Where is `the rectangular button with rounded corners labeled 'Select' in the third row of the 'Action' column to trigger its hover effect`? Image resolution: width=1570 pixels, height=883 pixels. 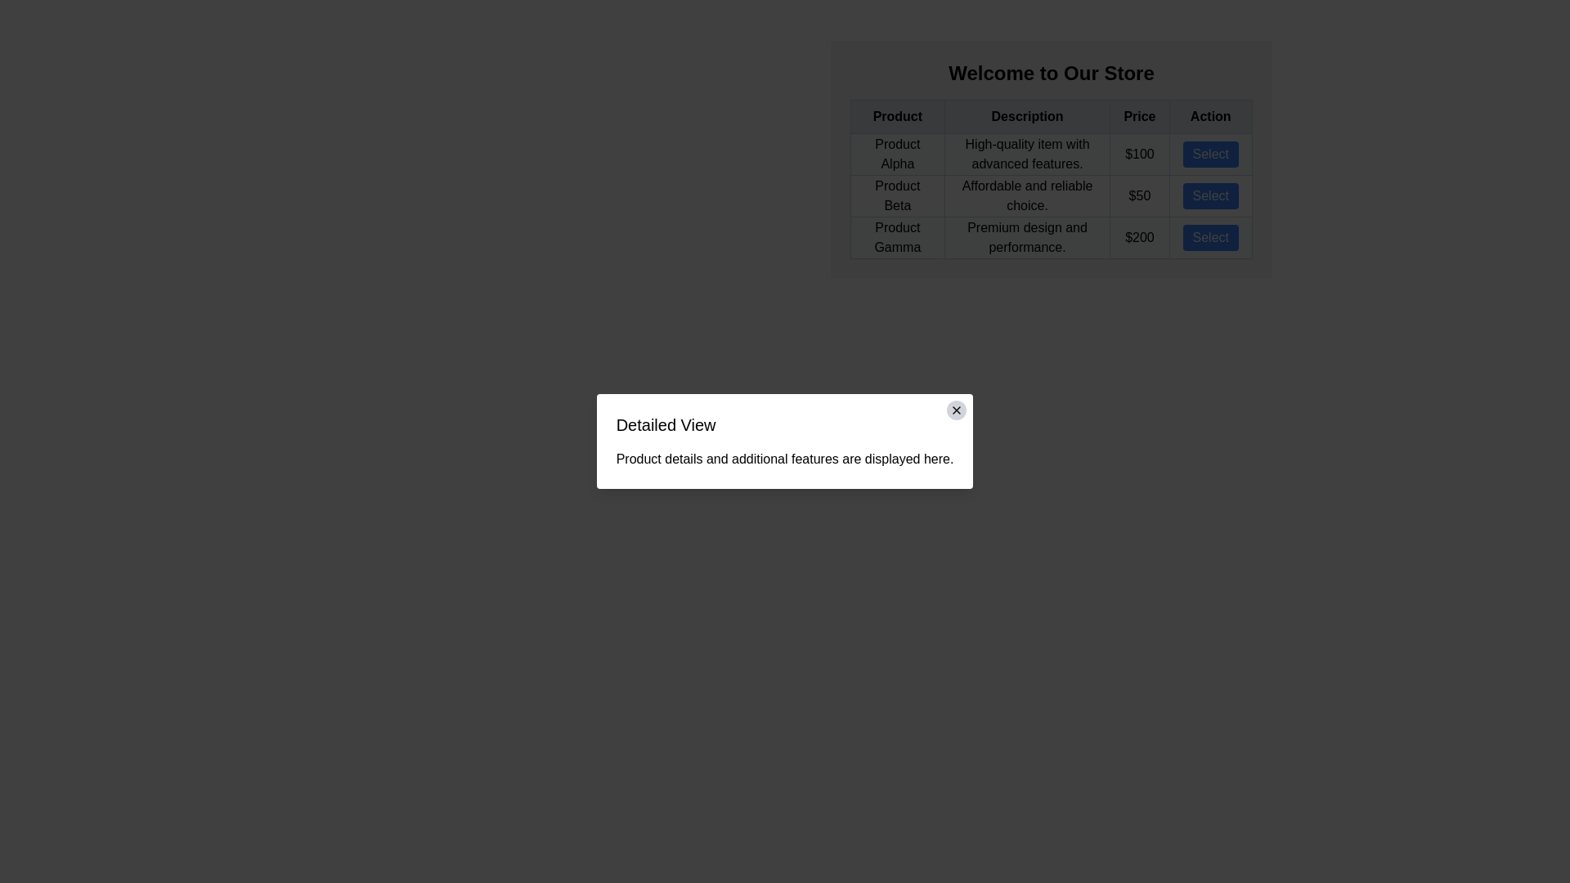 the rectangular button with rounded corners labeled 'Select' in the third row of the 'Action' column to trigger its hover effect is located at coordinates (1210, 237).